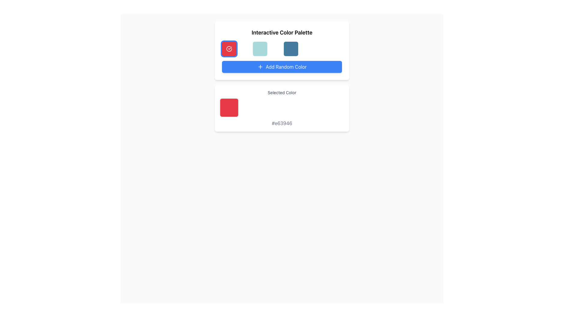  What do you see at coordinates (282, 67) in the screenshot?
I see `the blue rectangular button labeled 'Add Random Color'` at bounding box center [282, 67].